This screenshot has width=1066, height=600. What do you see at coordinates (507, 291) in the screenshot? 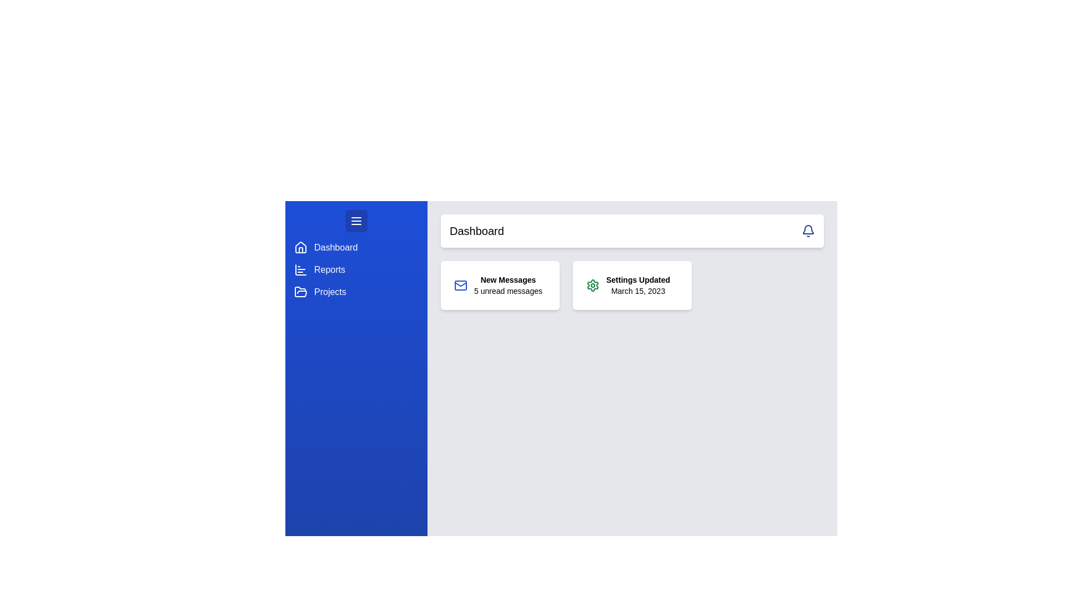
I see `text content of the label displaying '5 unread messages' located below the title 'New Messages' in the notification card` at bounding box center [507, 291].